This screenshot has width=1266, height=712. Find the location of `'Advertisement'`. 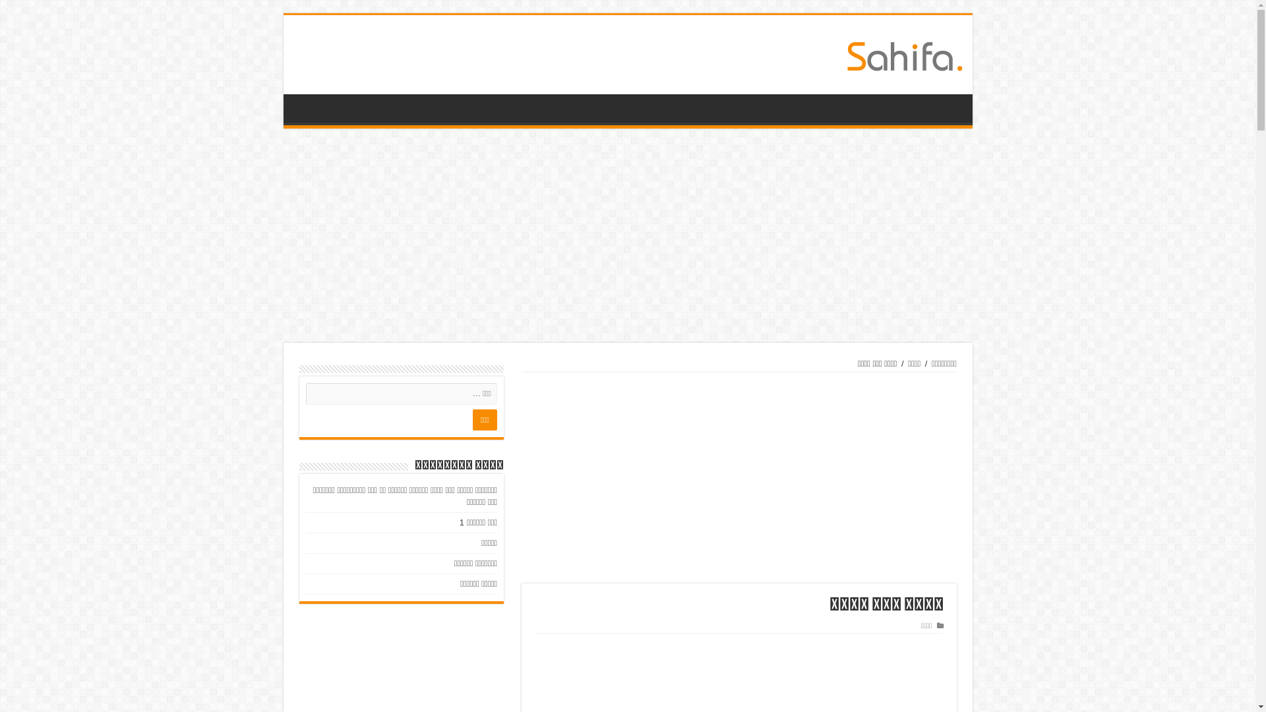

'Advertisement' is located at coordinates (739, 478).